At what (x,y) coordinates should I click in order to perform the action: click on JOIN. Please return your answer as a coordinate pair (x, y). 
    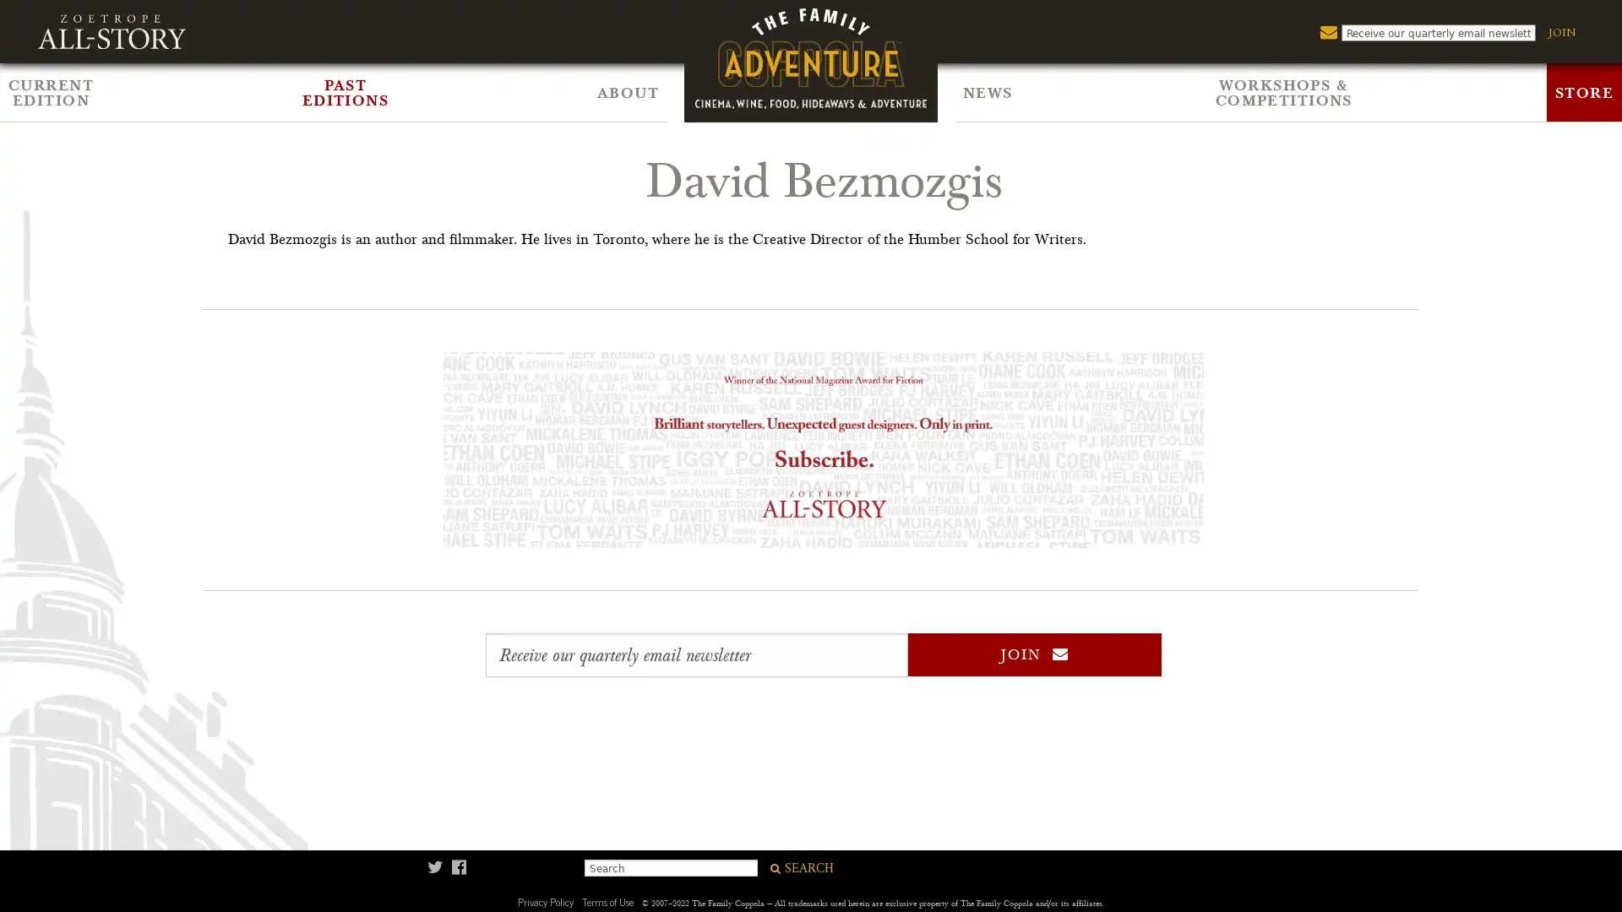
    Looking at the image, I should click on (1033, 654).